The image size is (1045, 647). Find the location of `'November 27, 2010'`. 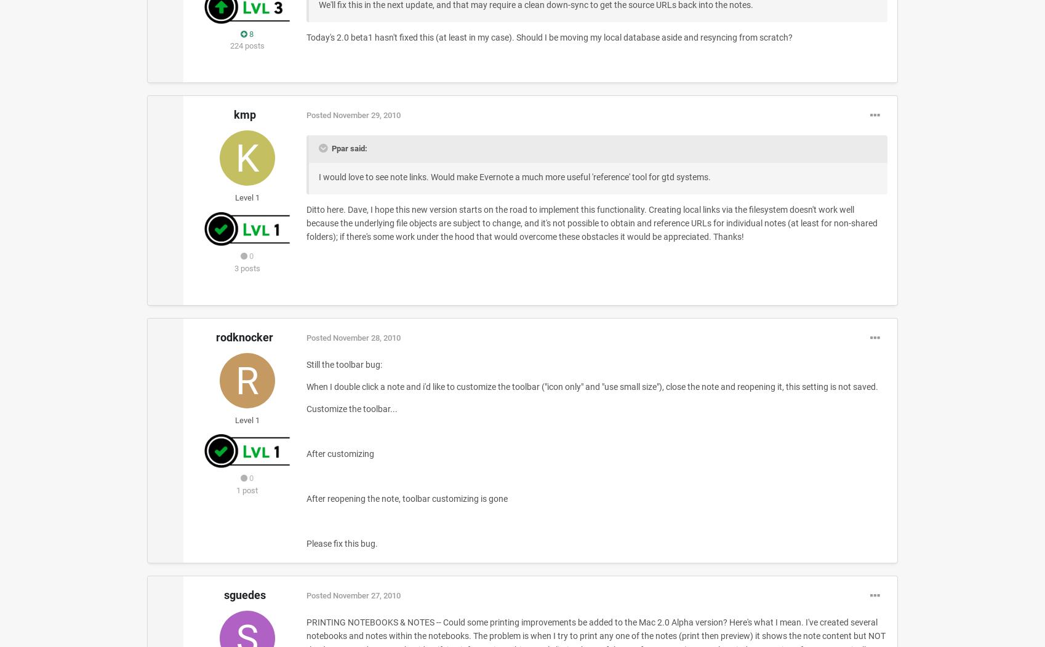

'November 27, 2010' is located at coordinates (366, 595).